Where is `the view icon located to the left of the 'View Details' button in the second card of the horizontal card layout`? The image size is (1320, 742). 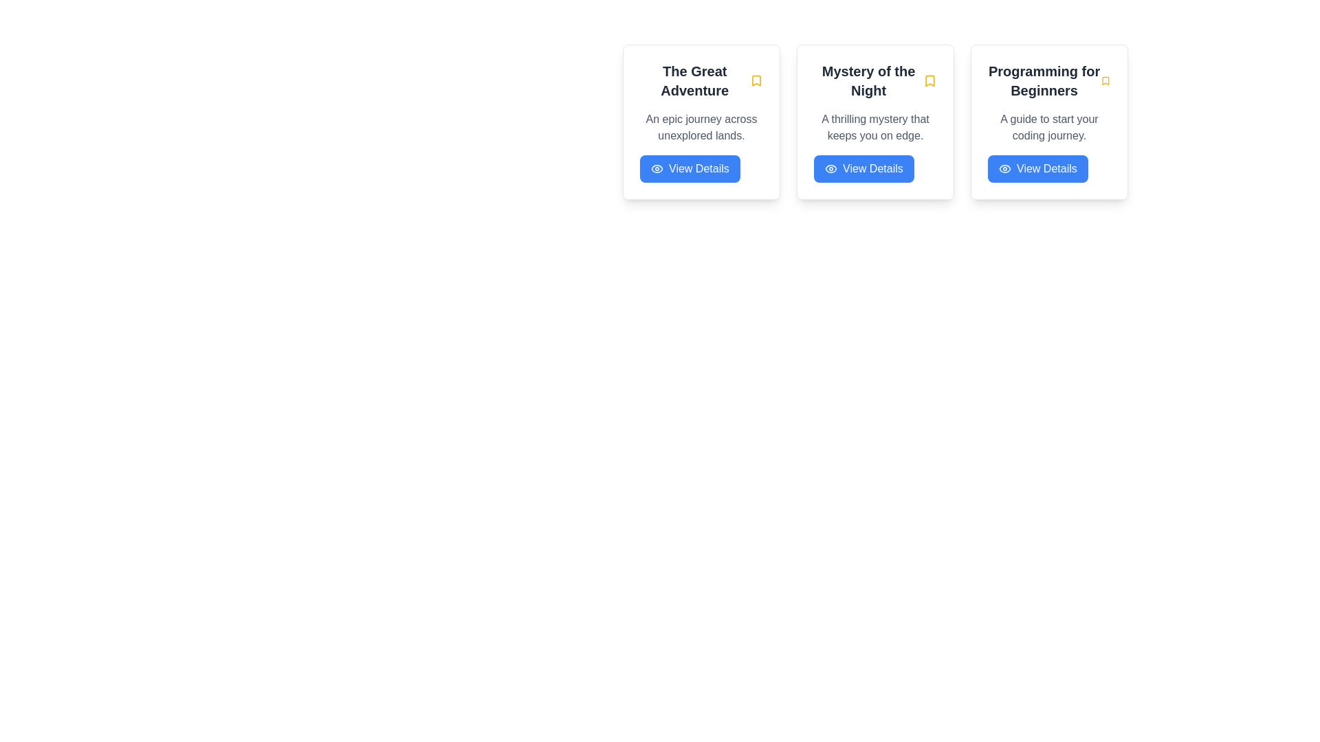 the view icon located to the left of the 'View Details' button in the second card of the horizontal card layout is located at coordinates (830, 168).